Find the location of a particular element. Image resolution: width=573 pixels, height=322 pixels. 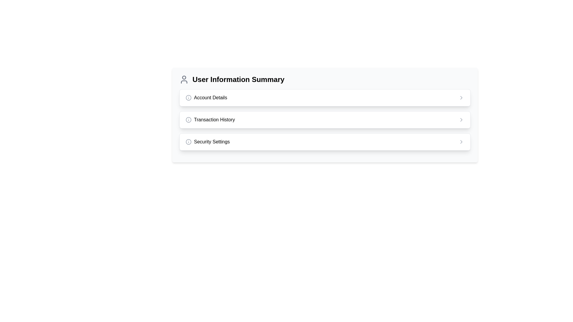

the information icon associated with the 'Account Details' section title is located at coordinates (206, 97).